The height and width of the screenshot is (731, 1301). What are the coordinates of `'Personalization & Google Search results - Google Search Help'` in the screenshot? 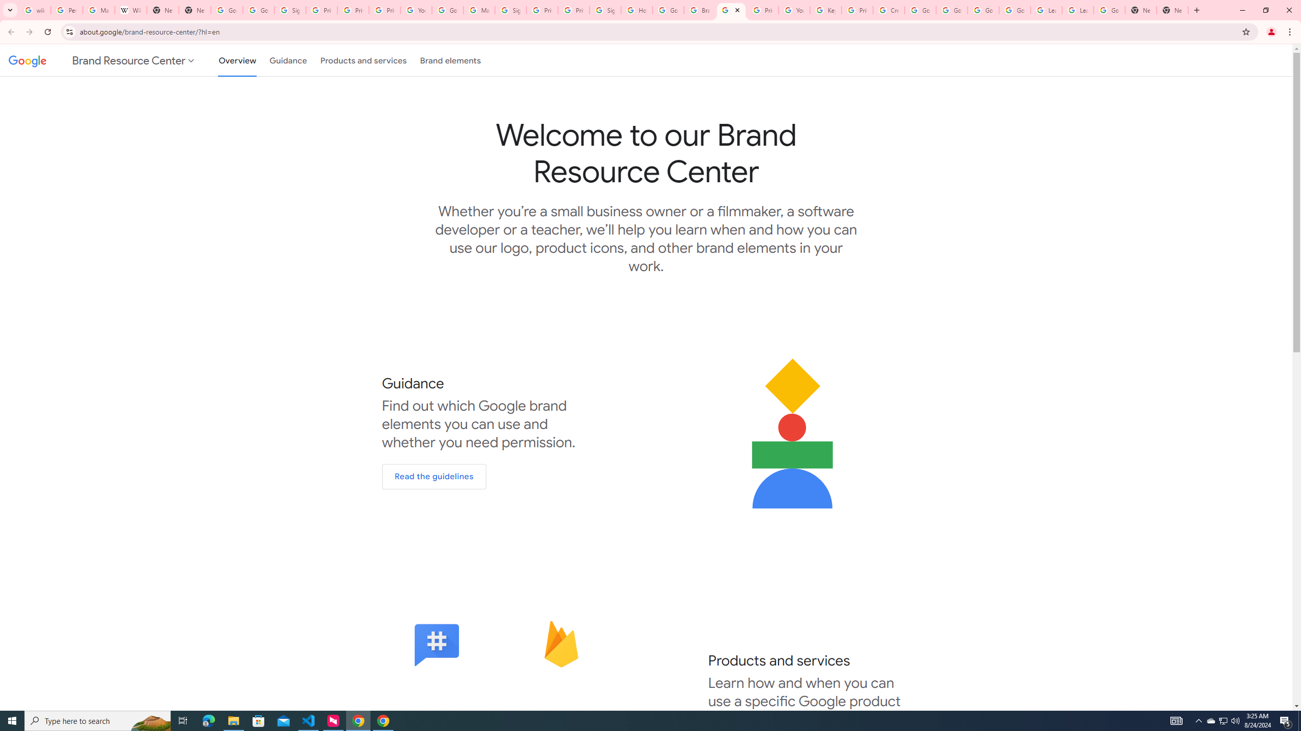 It's located at (66, 10).